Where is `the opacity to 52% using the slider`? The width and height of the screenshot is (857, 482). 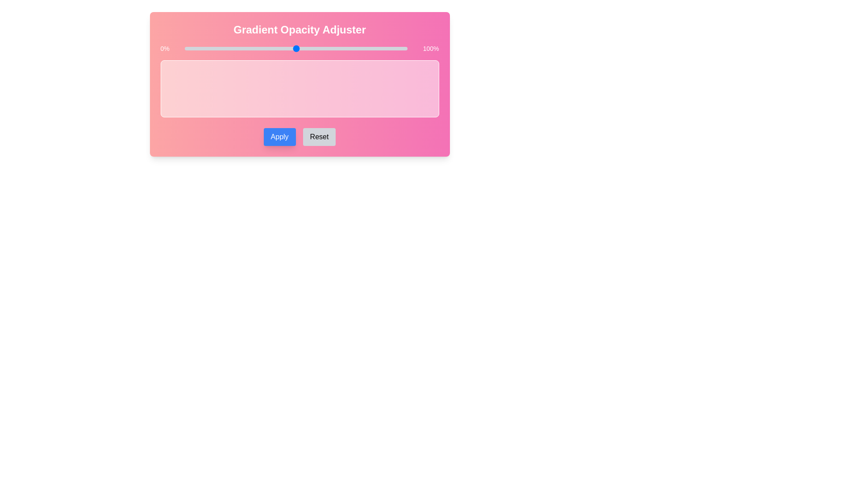
the opacity to 52% using the slider is located at coordinates (300, 48).